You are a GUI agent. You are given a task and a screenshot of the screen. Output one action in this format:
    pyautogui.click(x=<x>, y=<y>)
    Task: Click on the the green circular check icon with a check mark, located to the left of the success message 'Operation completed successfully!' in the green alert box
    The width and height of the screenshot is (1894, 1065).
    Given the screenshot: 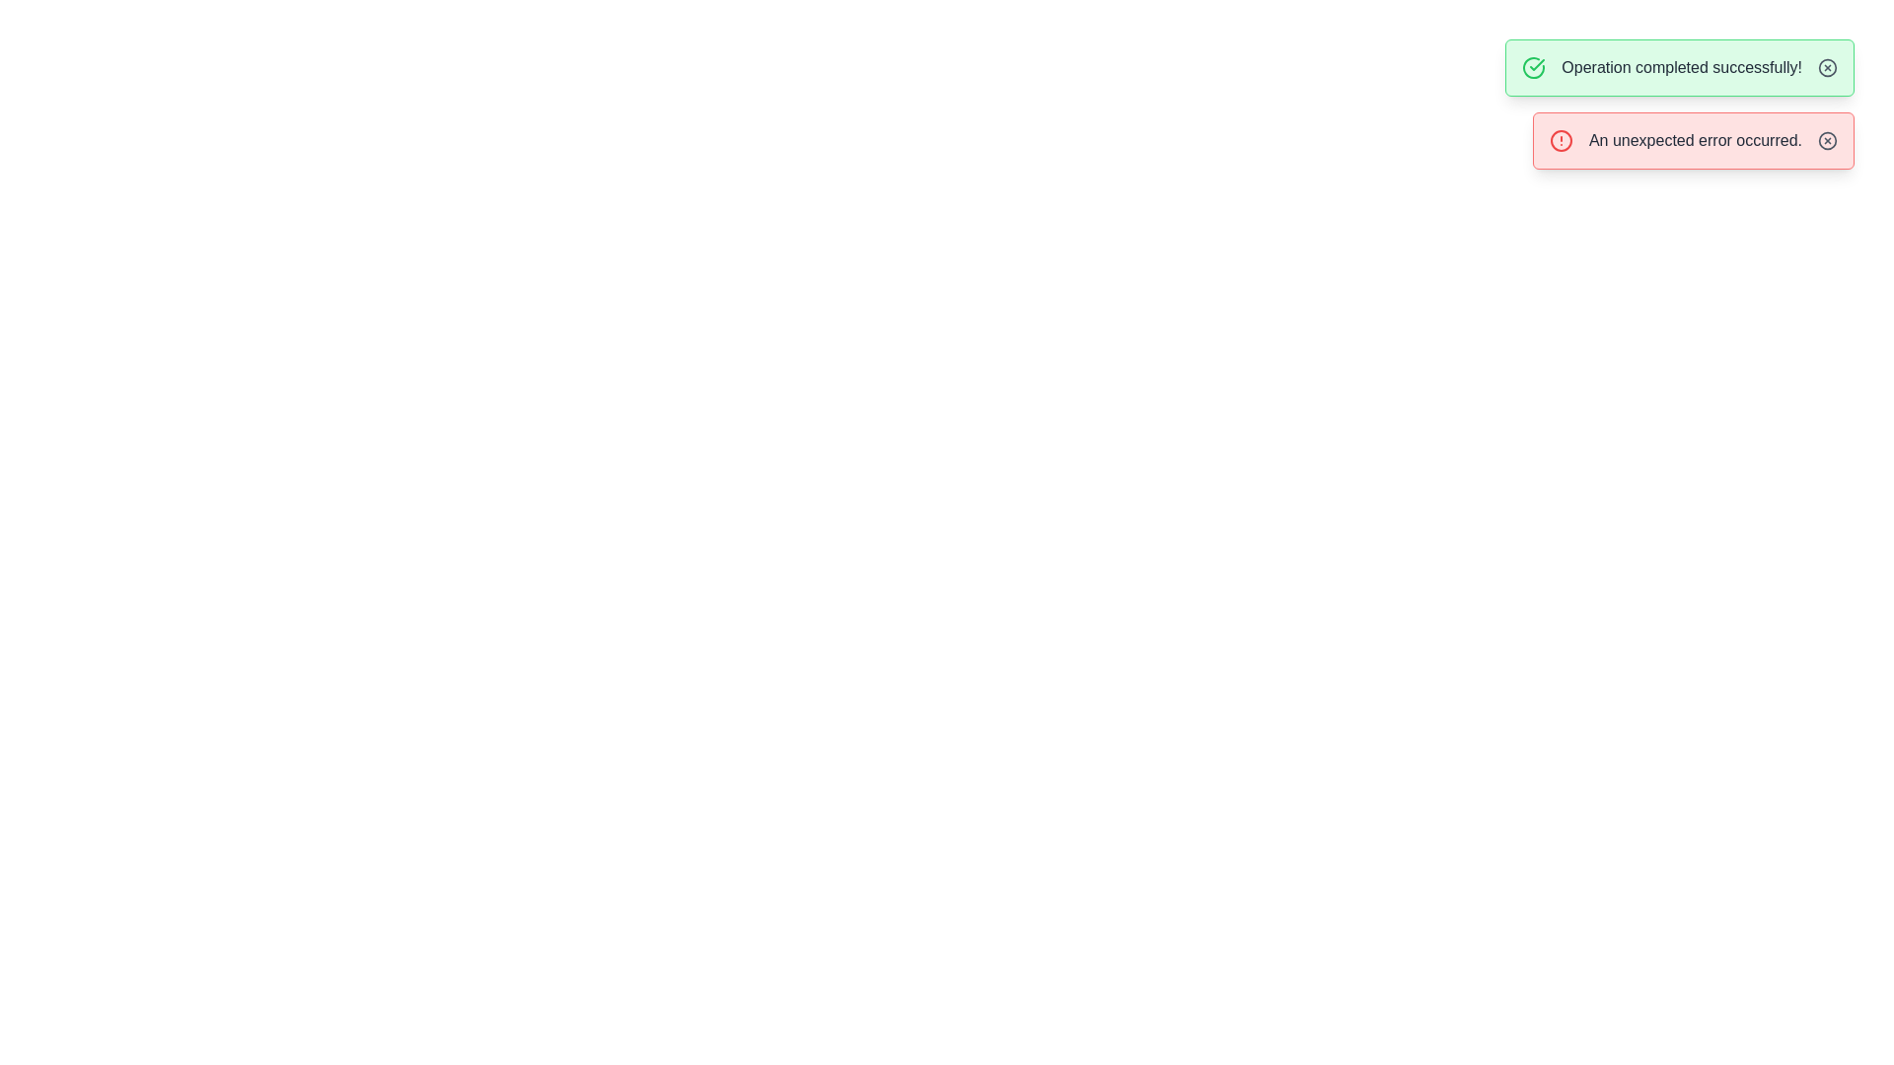 What is the action you would take?
    pyautogui.click(x=1533, y=67)
    